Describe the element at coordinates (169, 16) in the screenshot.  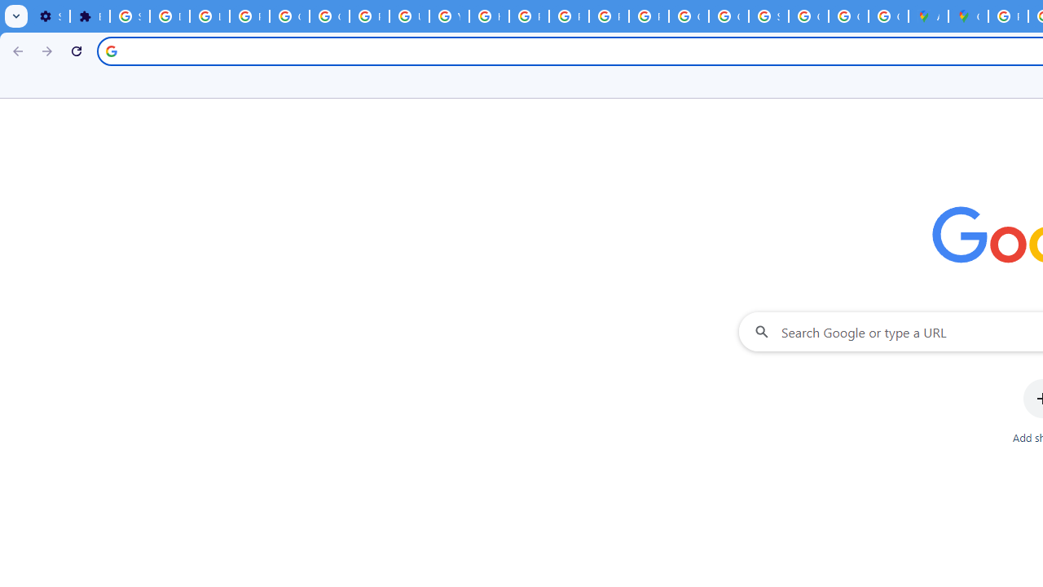
I see `'Delete photos & videos - Computer - Google Photos Help'` at that location.